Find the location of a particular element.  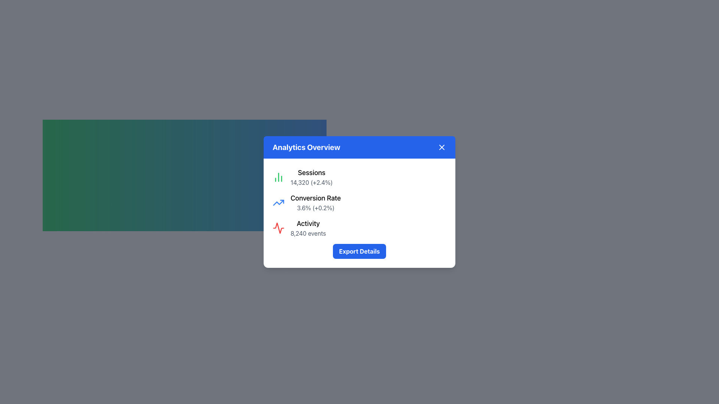

the informational block containing the 'Activity' title and '8,240 events' description, which is located in the third row of the 'Analytics Overview' card, below the 'Conversion Rate' section is located at coordinates (359, 227).